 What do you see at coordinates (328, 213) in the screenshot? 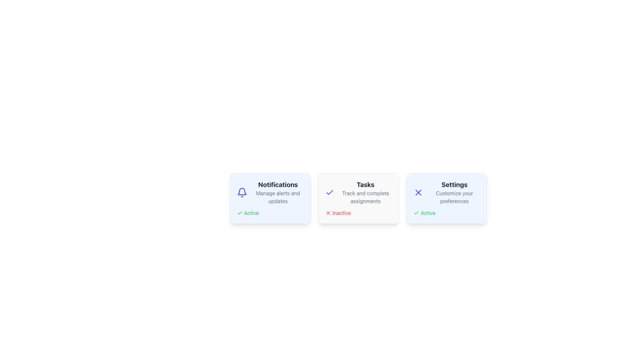
I see `the negative status icon located in the 'Tasks' card, positioned to the left of the word 'Inactive'` at bounding box center [328, 213].